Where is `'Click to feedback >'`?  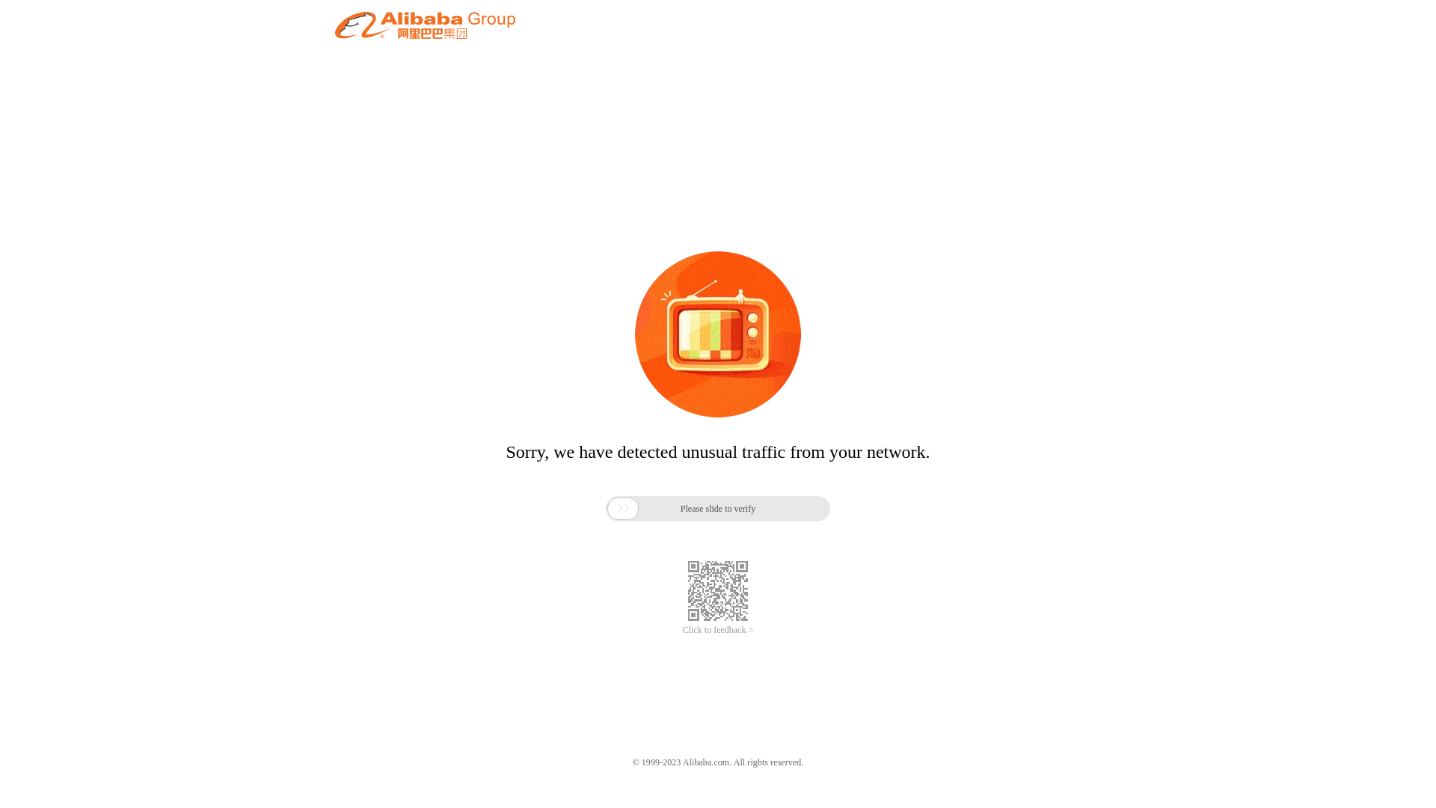
'Click to feedback >' is located at coordinates (718, 630).